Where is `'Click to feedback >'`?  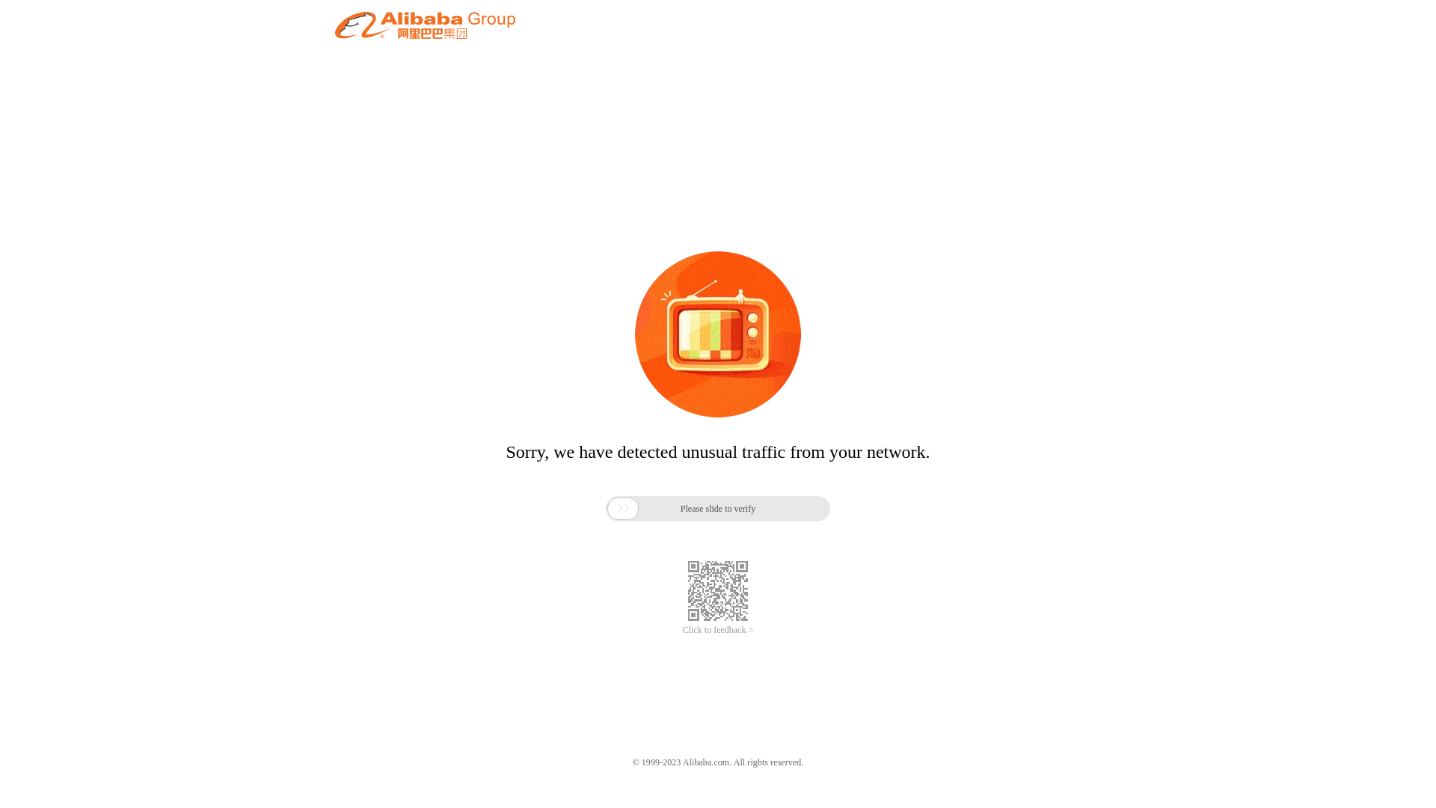
'Click to feedback >' is located at coordinates (718, 630).